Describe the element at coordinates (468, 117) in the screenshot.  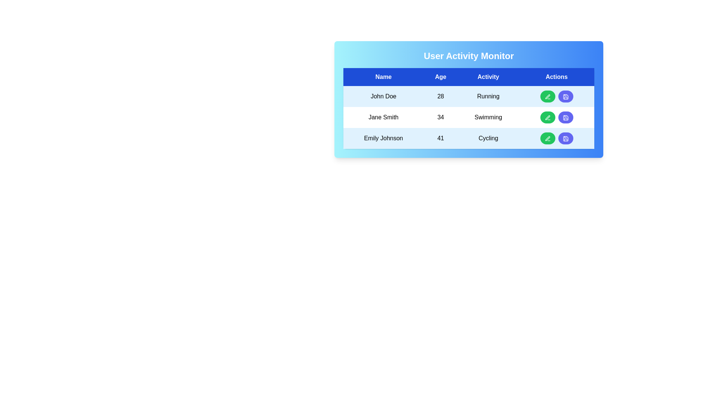
I see `the row corresponding to Jane Smith` at that location.